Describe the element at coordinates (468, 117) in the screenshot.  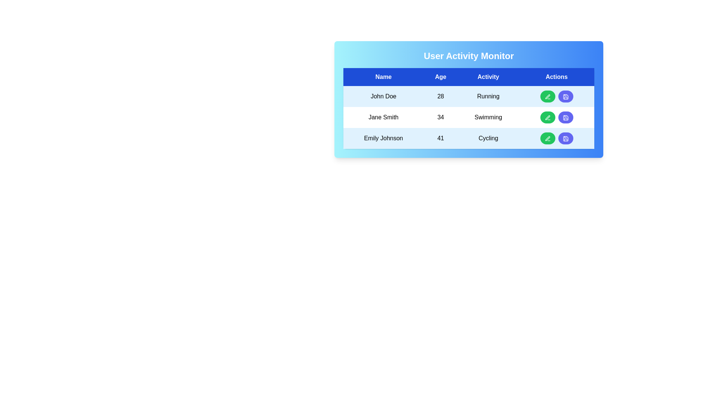
I see `the row corresponding to Jane Smith` at that location.